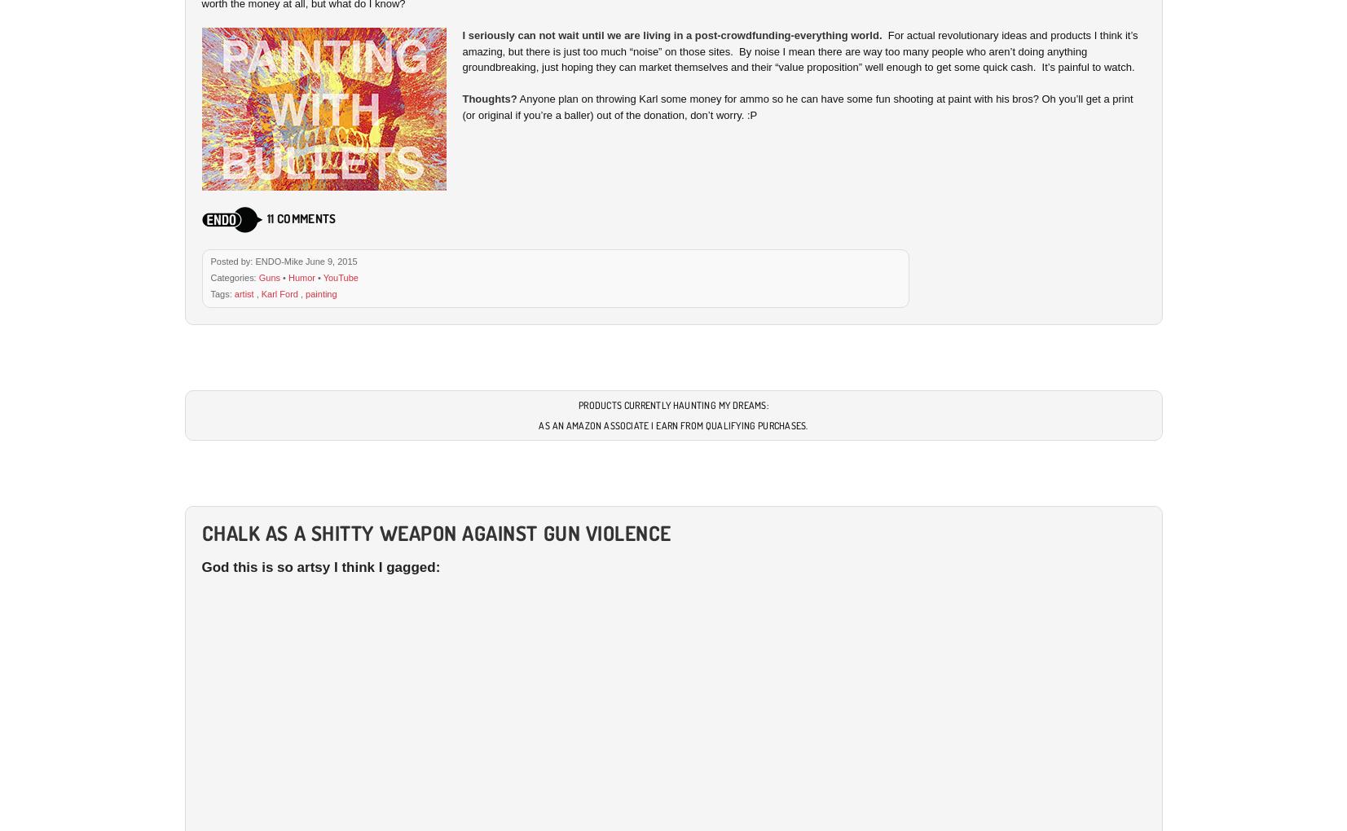  Describe the element at coordinates (488, 98) in the screenshot. I see `'Thoughts?'` at that location.